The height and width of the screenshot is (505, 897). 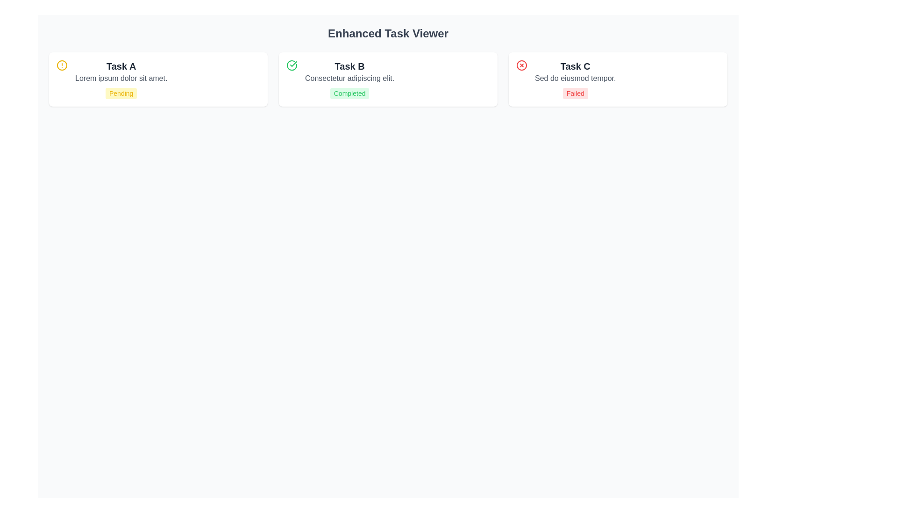 What do you see at coordinates (388, 79) in the screenshot?
I see `the second card in a three-column grid layout, which features a white background, rounded corners, a green check icon, bold dark text 'Task B', and a green badge labeled 'Completed'` at bounding box center [388, 79].